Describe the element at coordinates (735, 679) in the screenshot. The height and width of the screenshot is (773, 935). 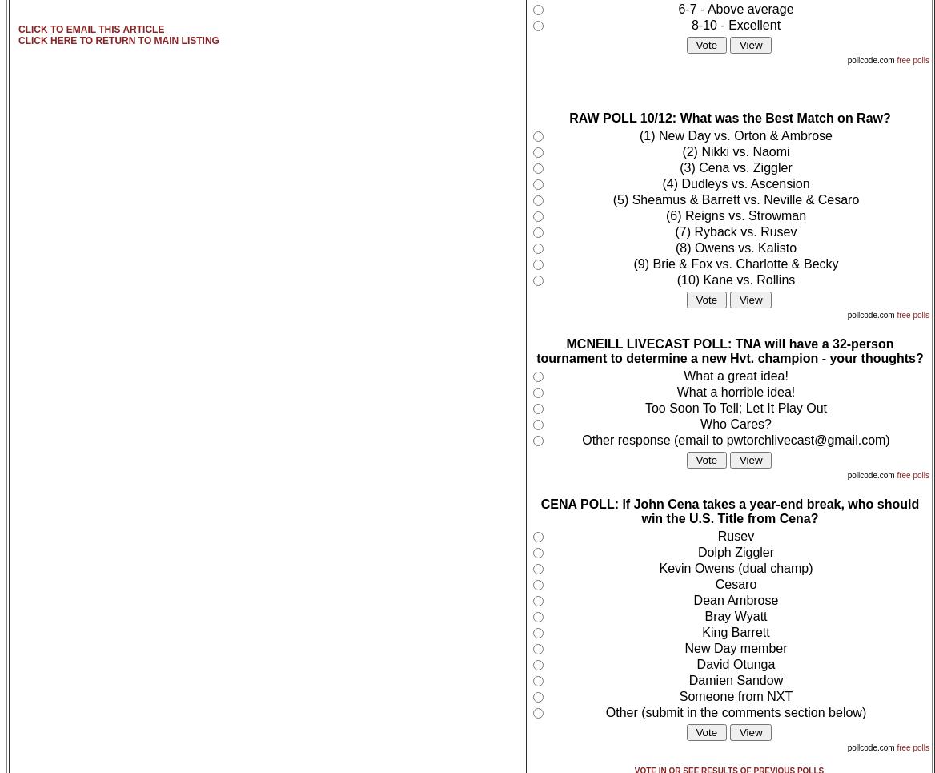
I see `'Damien Sandow'` at that location.